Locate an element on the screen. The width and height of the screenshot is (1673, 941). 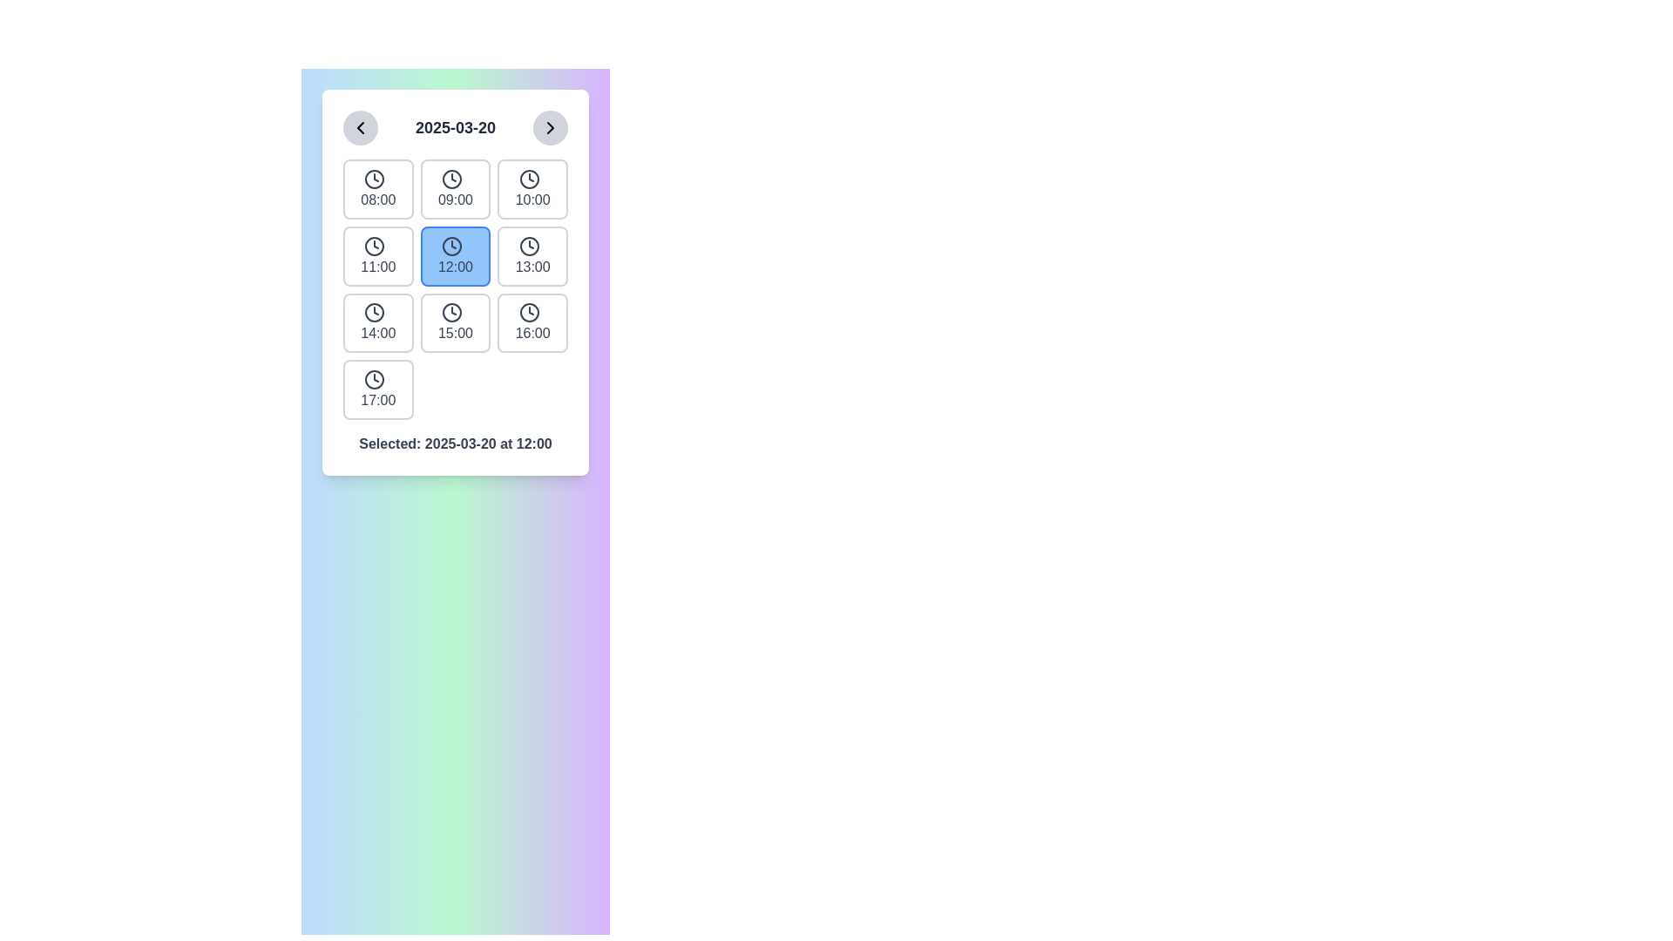
the button representing the time slot of 15:00, located in the middle row and second column, below the '12:00' button and right of the '14:00' button is located at coordinates (456, 322).